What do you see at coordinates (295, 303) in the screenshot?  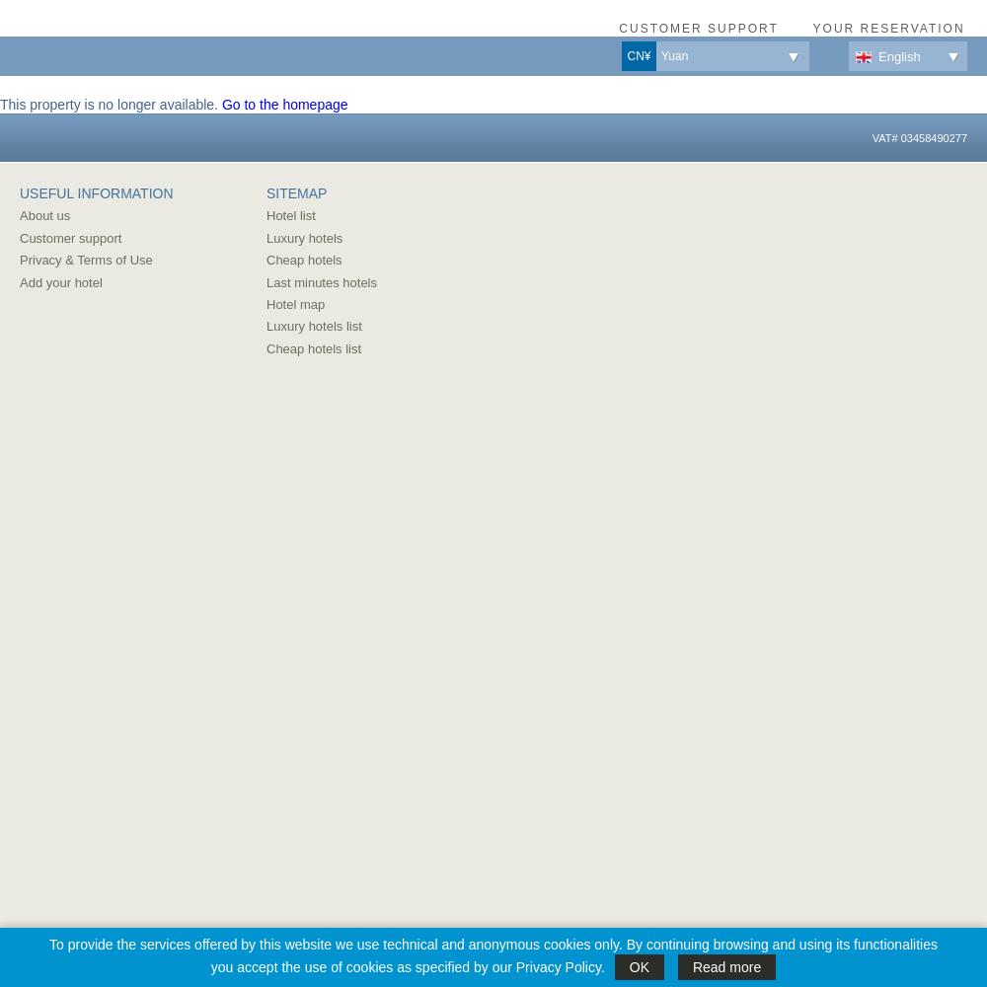 I see `'Hotel map'` at bounding box center [295, 303].